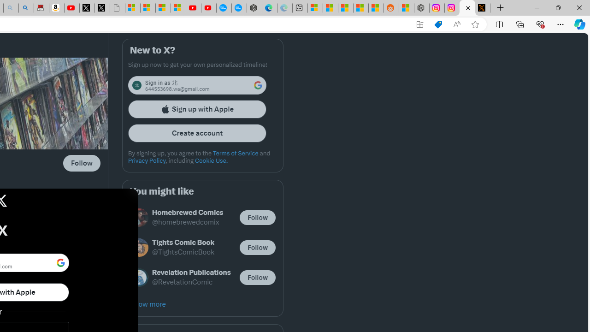  Describe the element at coordinates (438, 24) in the screenshot. I see `'Shopping in Microsoft Edge'` at that location.